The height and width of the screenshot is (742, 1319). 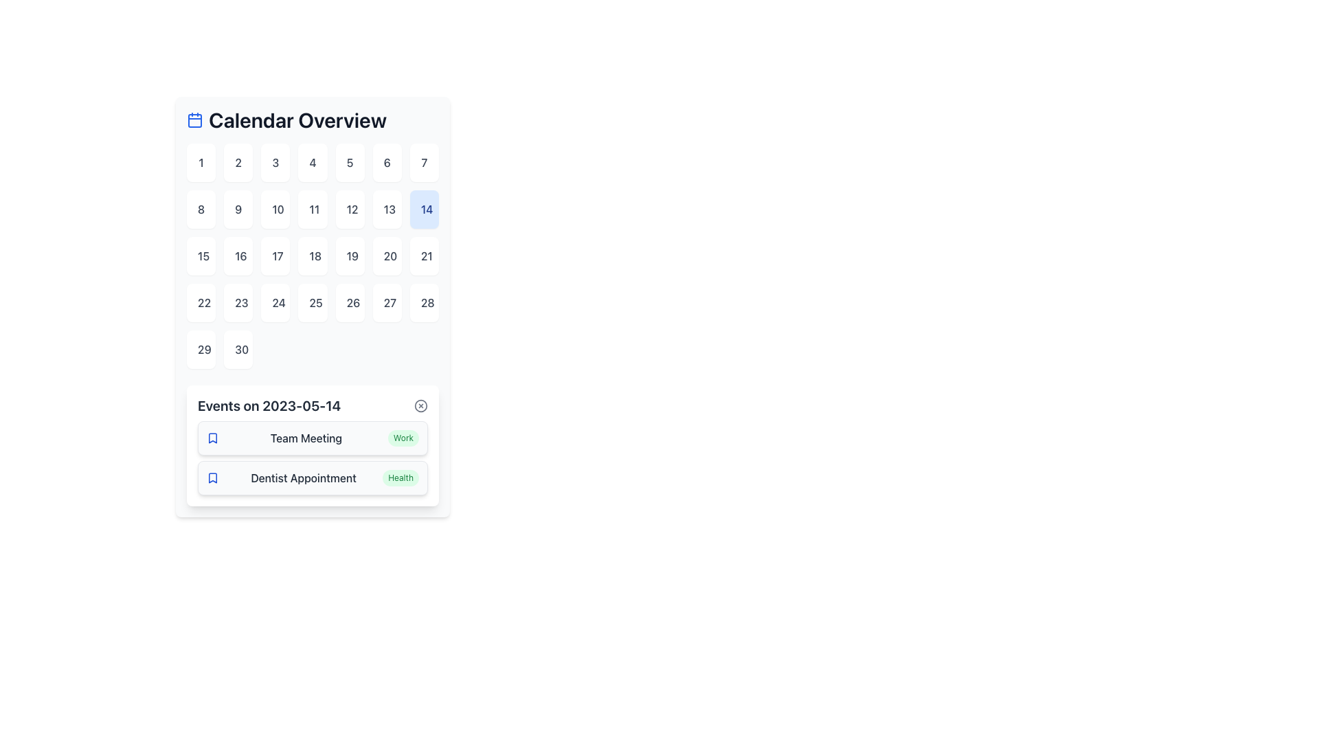 What do you see at coordinates (420, 405) in the screenshot?
I see `the inner circle of the SVG icon located near the top-right of the 'Events on 2023-05-14' section, which serves as part of the functionality` at bounding box center [420, 405].